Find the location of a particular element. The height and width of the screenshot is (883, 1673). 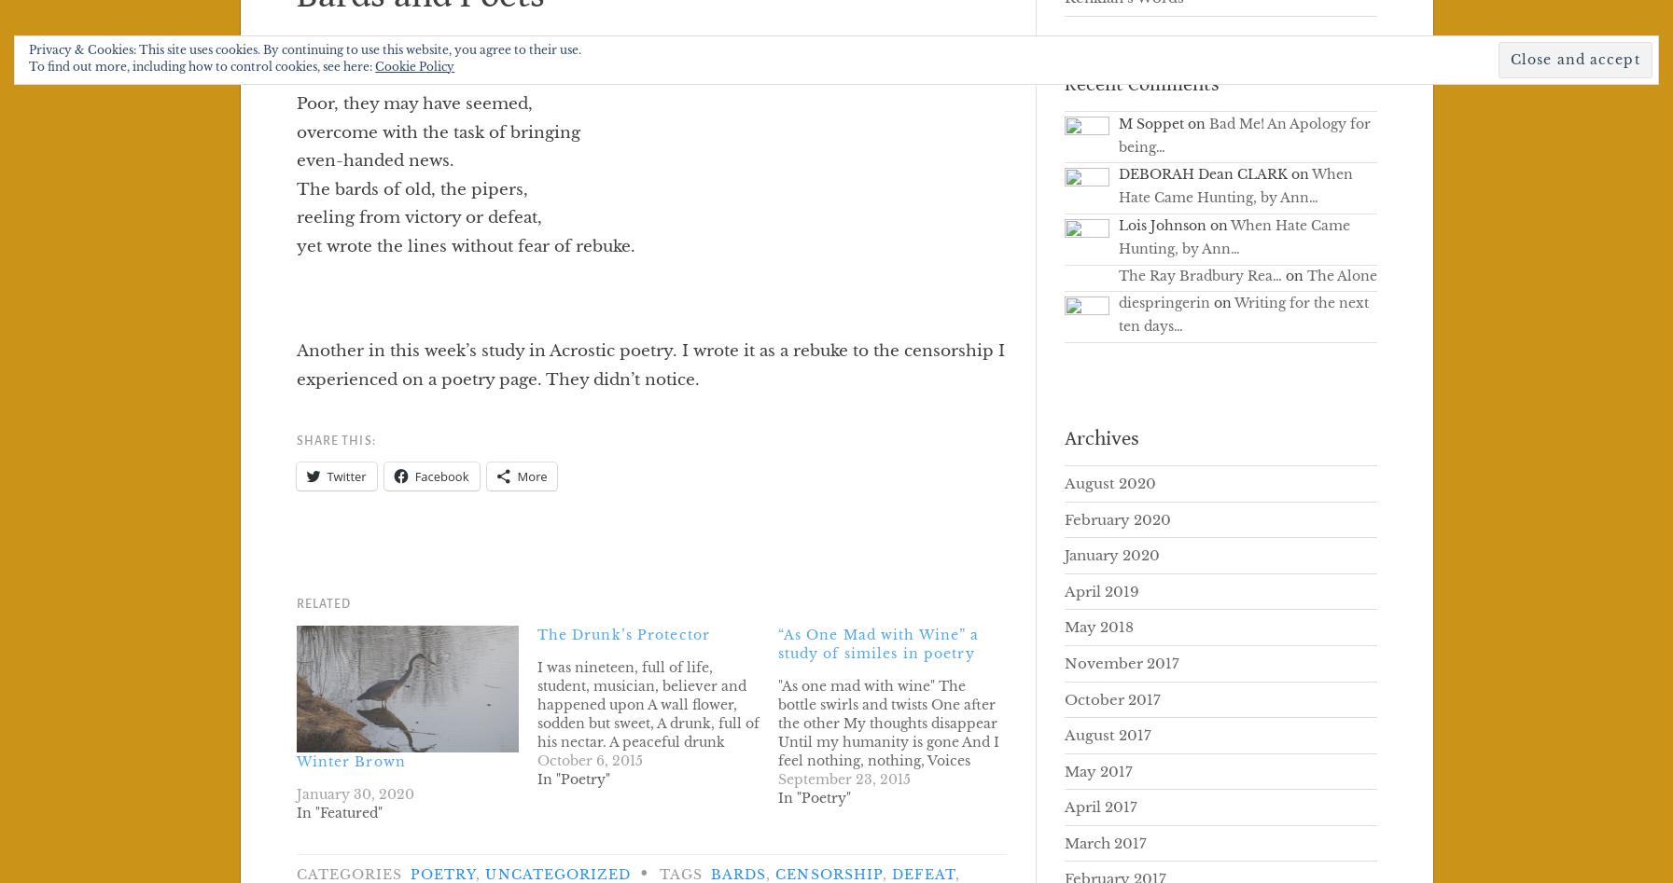

'Lois Johnson on' is located at coordinates (1173, 226).